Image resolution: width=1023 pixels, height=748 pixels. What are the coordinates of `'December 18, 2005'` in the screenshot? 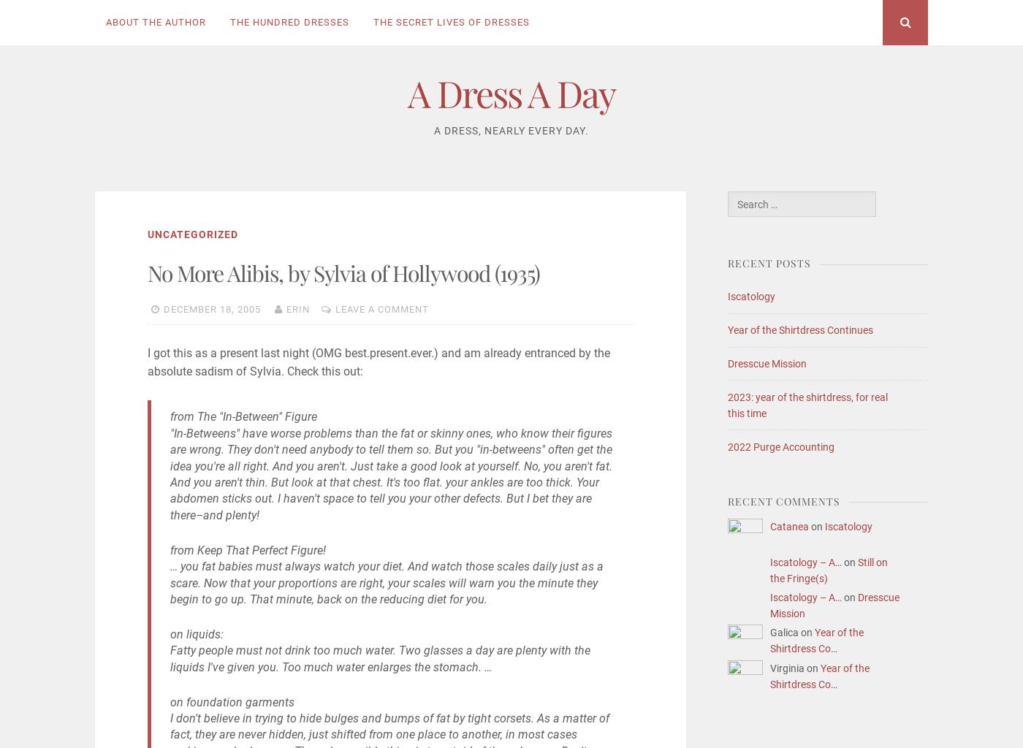 It's located at (212, 308).